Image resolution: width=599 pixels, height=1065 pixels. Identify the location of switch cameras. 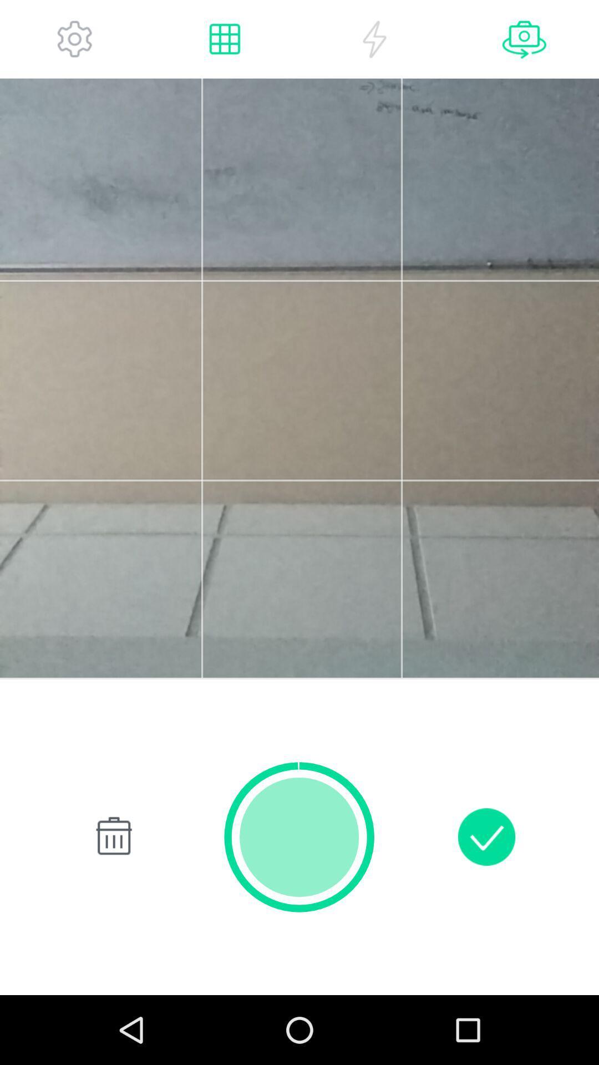
(524, 39).